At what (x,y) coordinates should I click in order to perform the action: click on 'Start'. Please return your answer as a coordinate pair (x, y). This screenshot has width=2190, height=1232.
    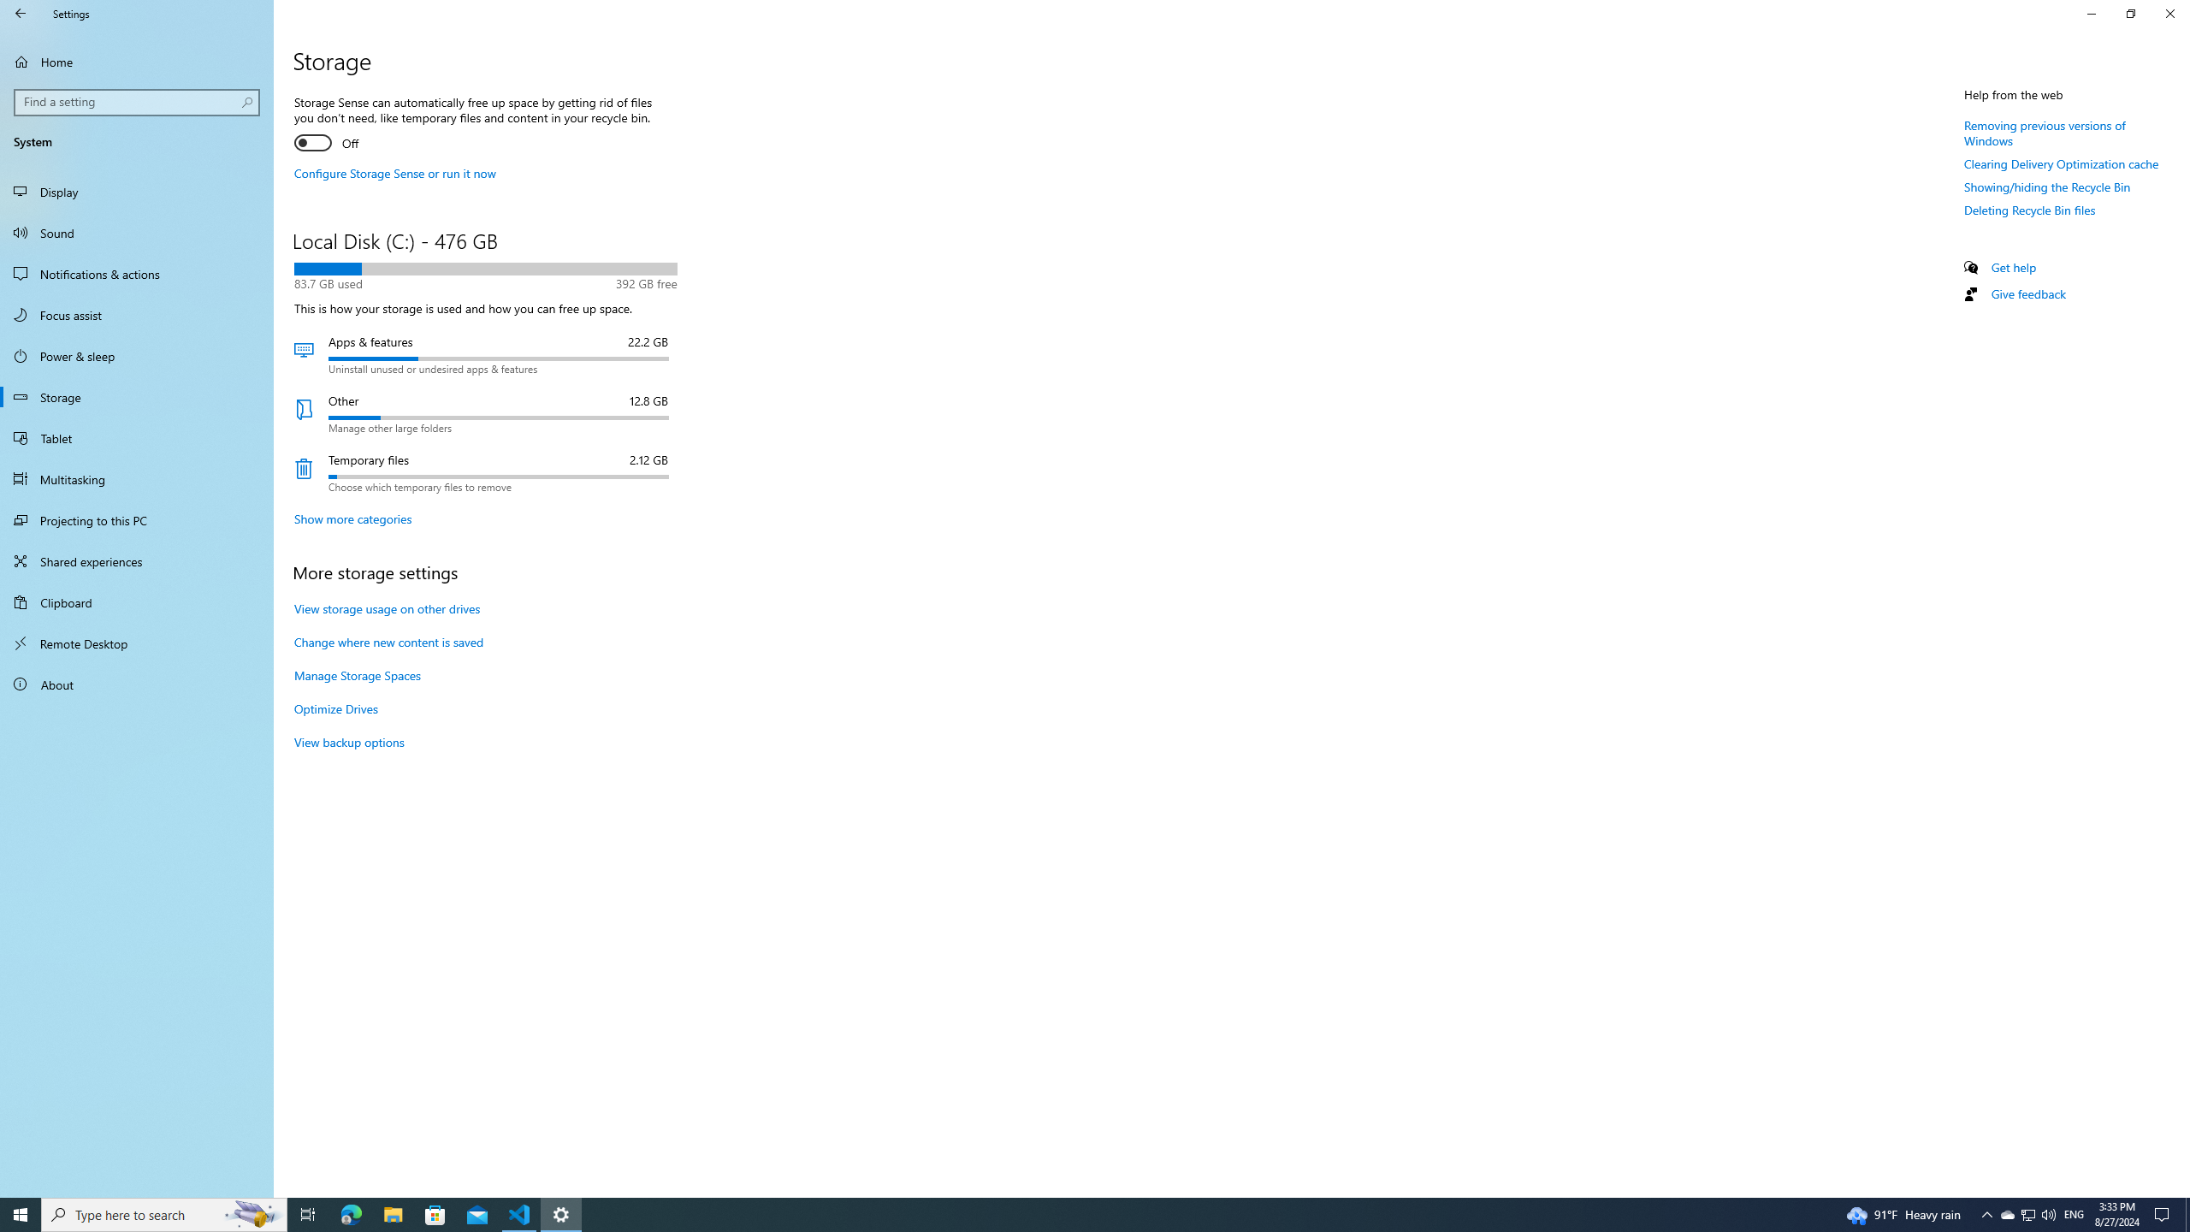
    Looking at the image, I should click on (21, 1213).